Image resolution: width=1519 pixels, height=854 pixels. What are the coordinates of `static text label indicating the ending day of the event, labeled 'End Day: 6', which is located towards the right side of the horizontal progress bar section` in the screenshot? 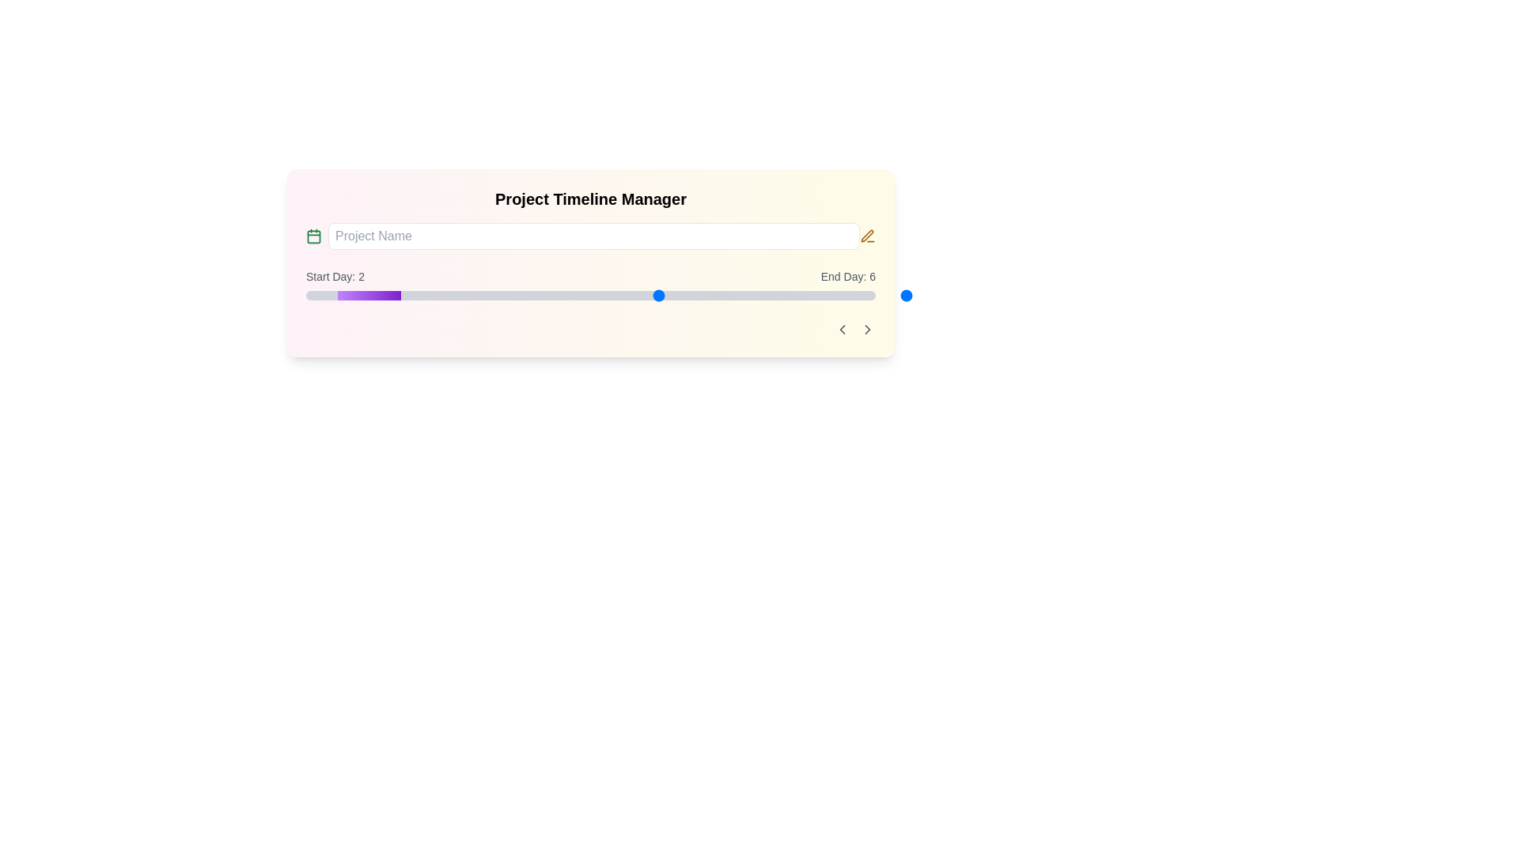 It's located at (847, 276).